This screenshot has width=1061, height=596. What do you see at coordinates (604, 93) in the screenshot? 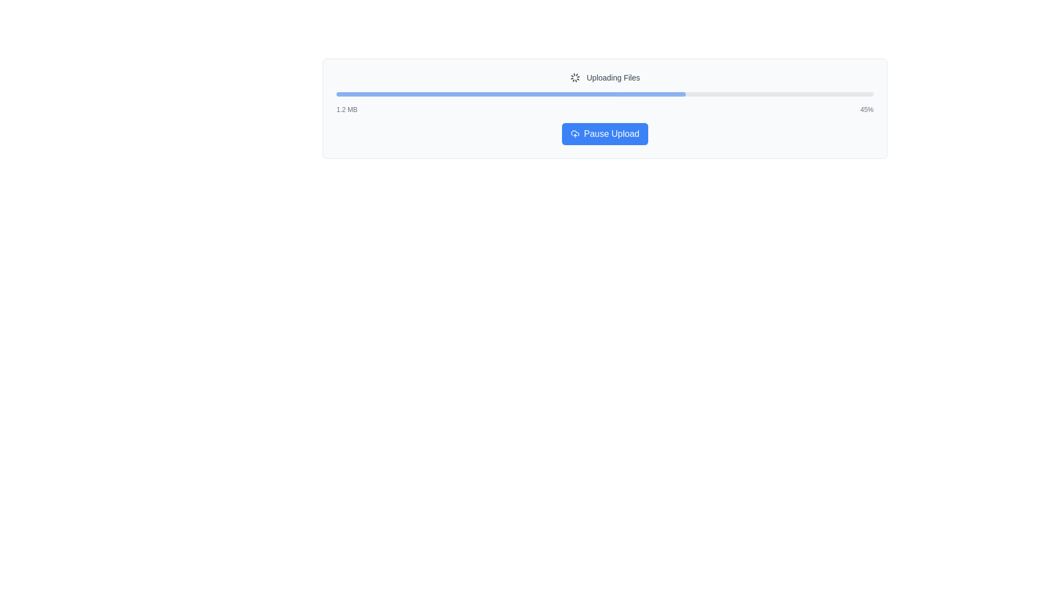
I see `the progress bar that visually represents the progress of an ongoing upload, located centrally with the label 'Uploading Files' above it` at bounding box center [604, 93].